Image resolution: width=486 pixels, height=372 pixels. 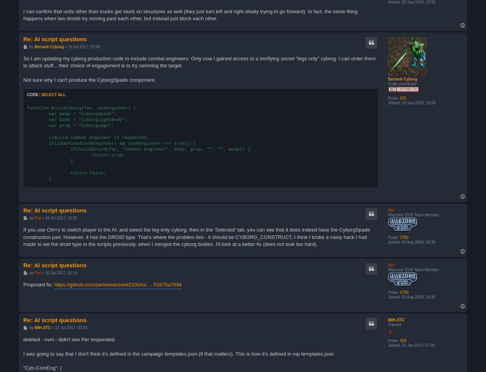 I want to click on 'Code:', so click(x=33, y=94).